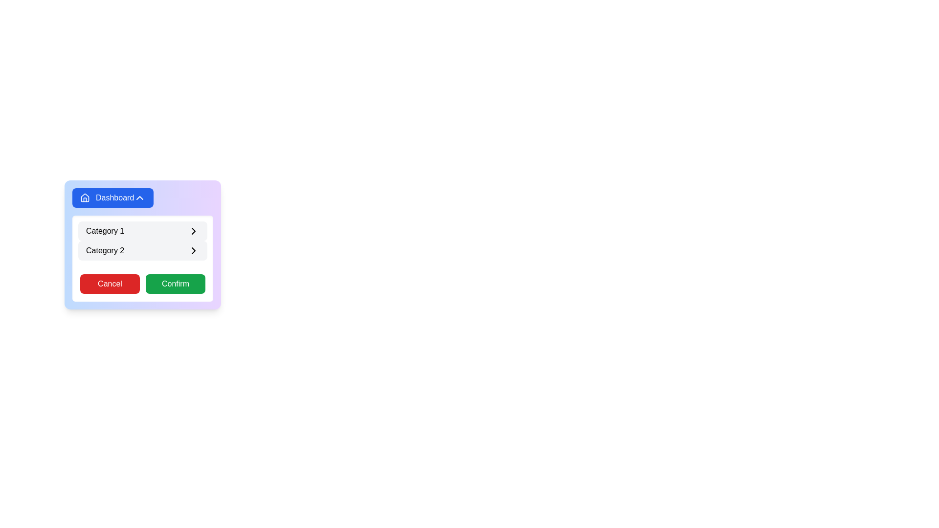 The width and height of the screenshot is (939, 528). What do you see at coordinates (193, 231) in the screenshot?
I see `the Chevron Arrow icon` at bounding box center [193, 231].